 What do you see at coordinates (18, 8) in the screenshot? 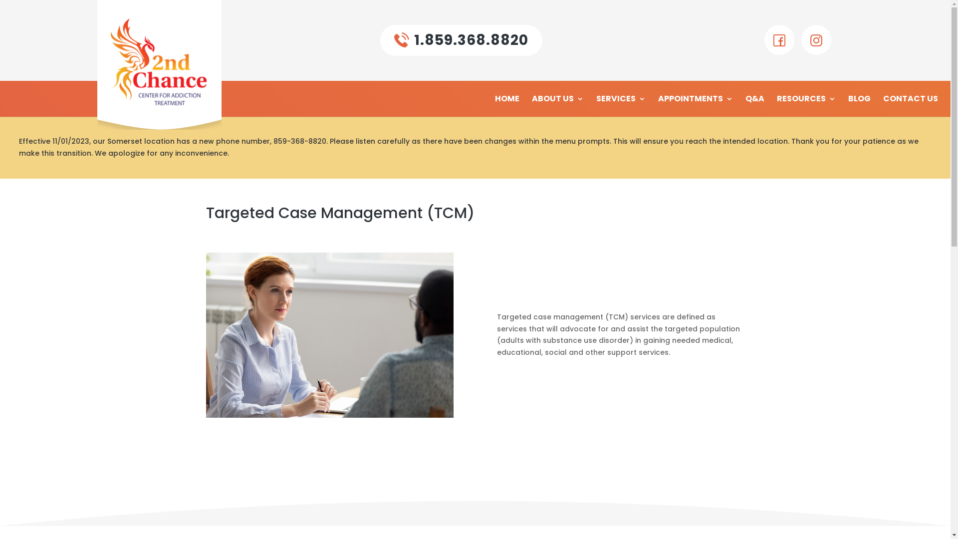
I see `'Previous Page'` at bounding box center [18, 8].